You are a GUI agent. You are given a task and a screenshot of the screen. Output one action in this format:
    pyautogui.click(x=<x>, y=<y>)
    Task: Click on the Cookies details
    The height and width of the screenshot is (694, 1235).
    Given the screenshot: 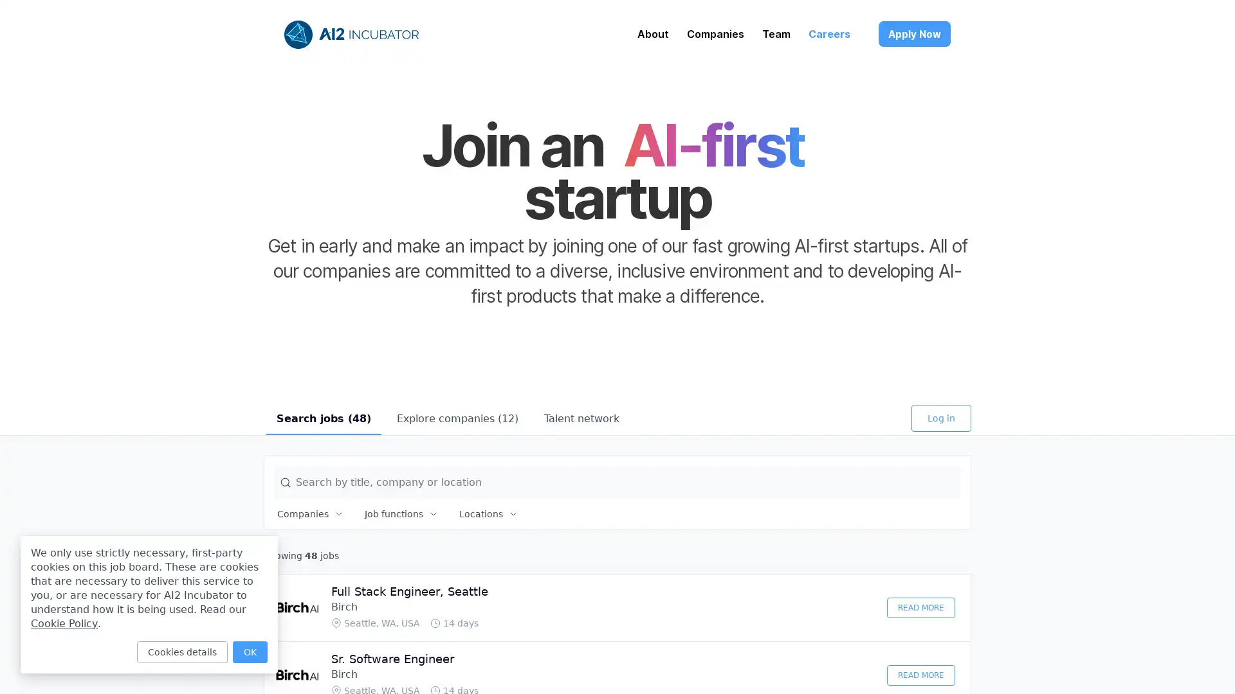 What is the action you would take?
    pyautogui.click(x=181, y=652)
    